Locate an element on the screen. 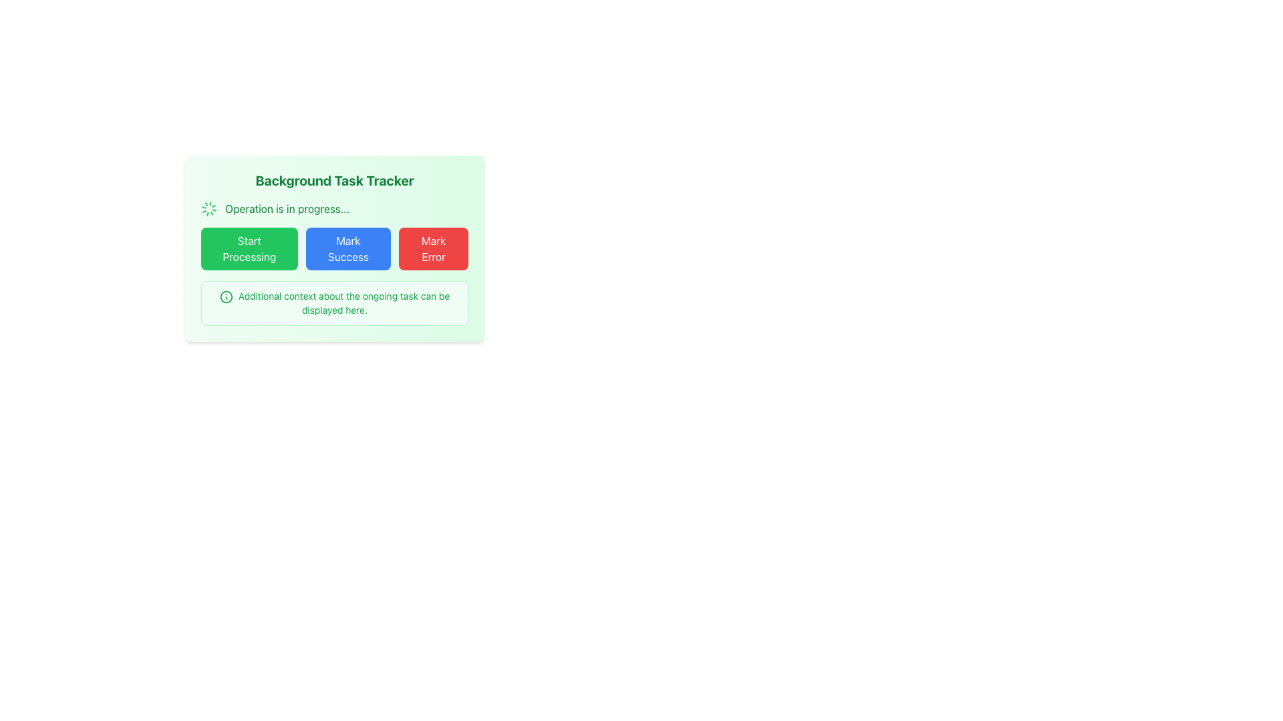  the green 'Start Processing' button with white text is located at coordinates (249, 249).